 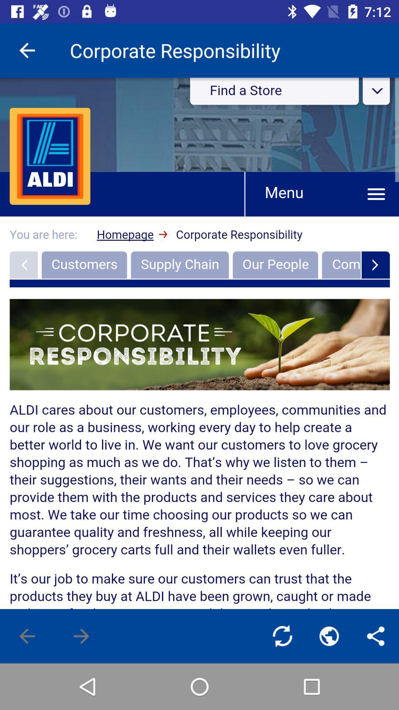 What do you see at coordinates (27, 636) in the screenshot?
I see `the arrow_backward icon` at bounding box center [27, 636].